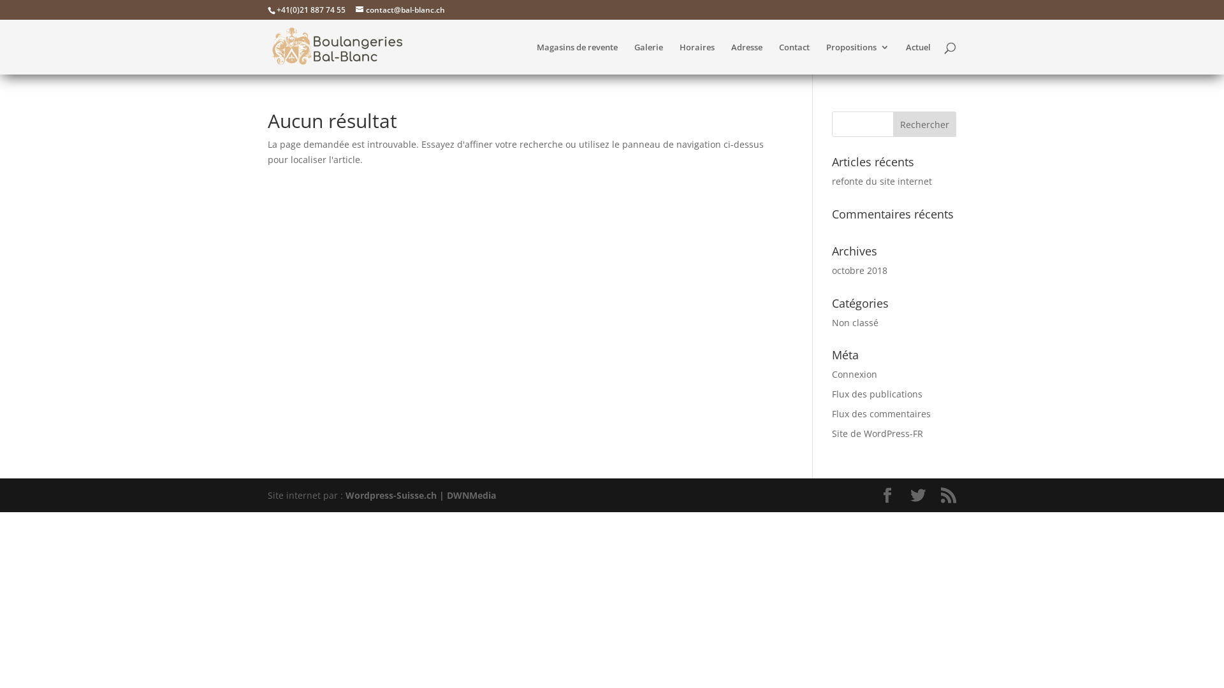 The image size is (1224, 688). I want to click on 'Adresse', so click(747, 59).